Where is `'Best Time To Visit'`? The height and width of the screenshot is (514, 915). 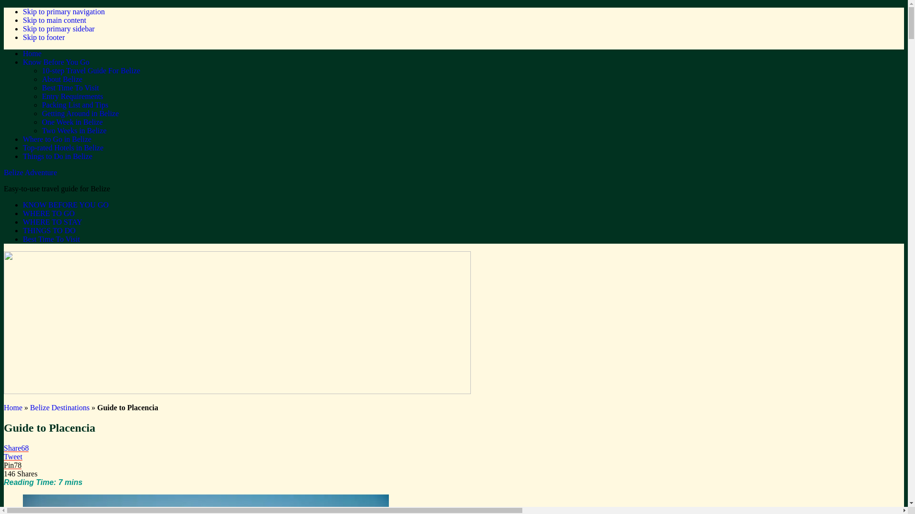
'Best Time To Visit' is located at coordinates (51, 238).